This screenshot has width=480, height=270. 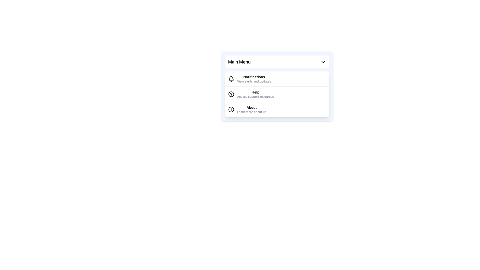 I want to click on the Chevron Down icon located on the right-hand side of the 'Main Menu' header, so click(x=323, y=61).